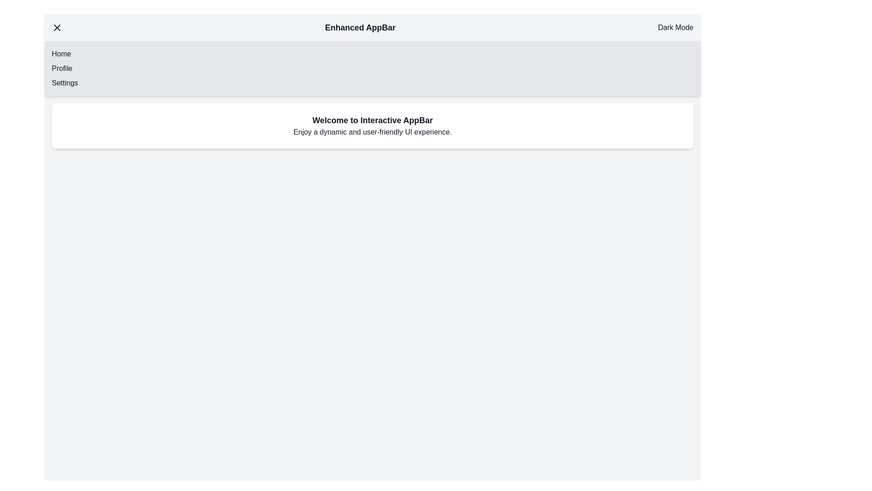 This screenshot has width=872, height=491. I want to click on the menu icon button to toggle the menu visibility, so click(56, 27).